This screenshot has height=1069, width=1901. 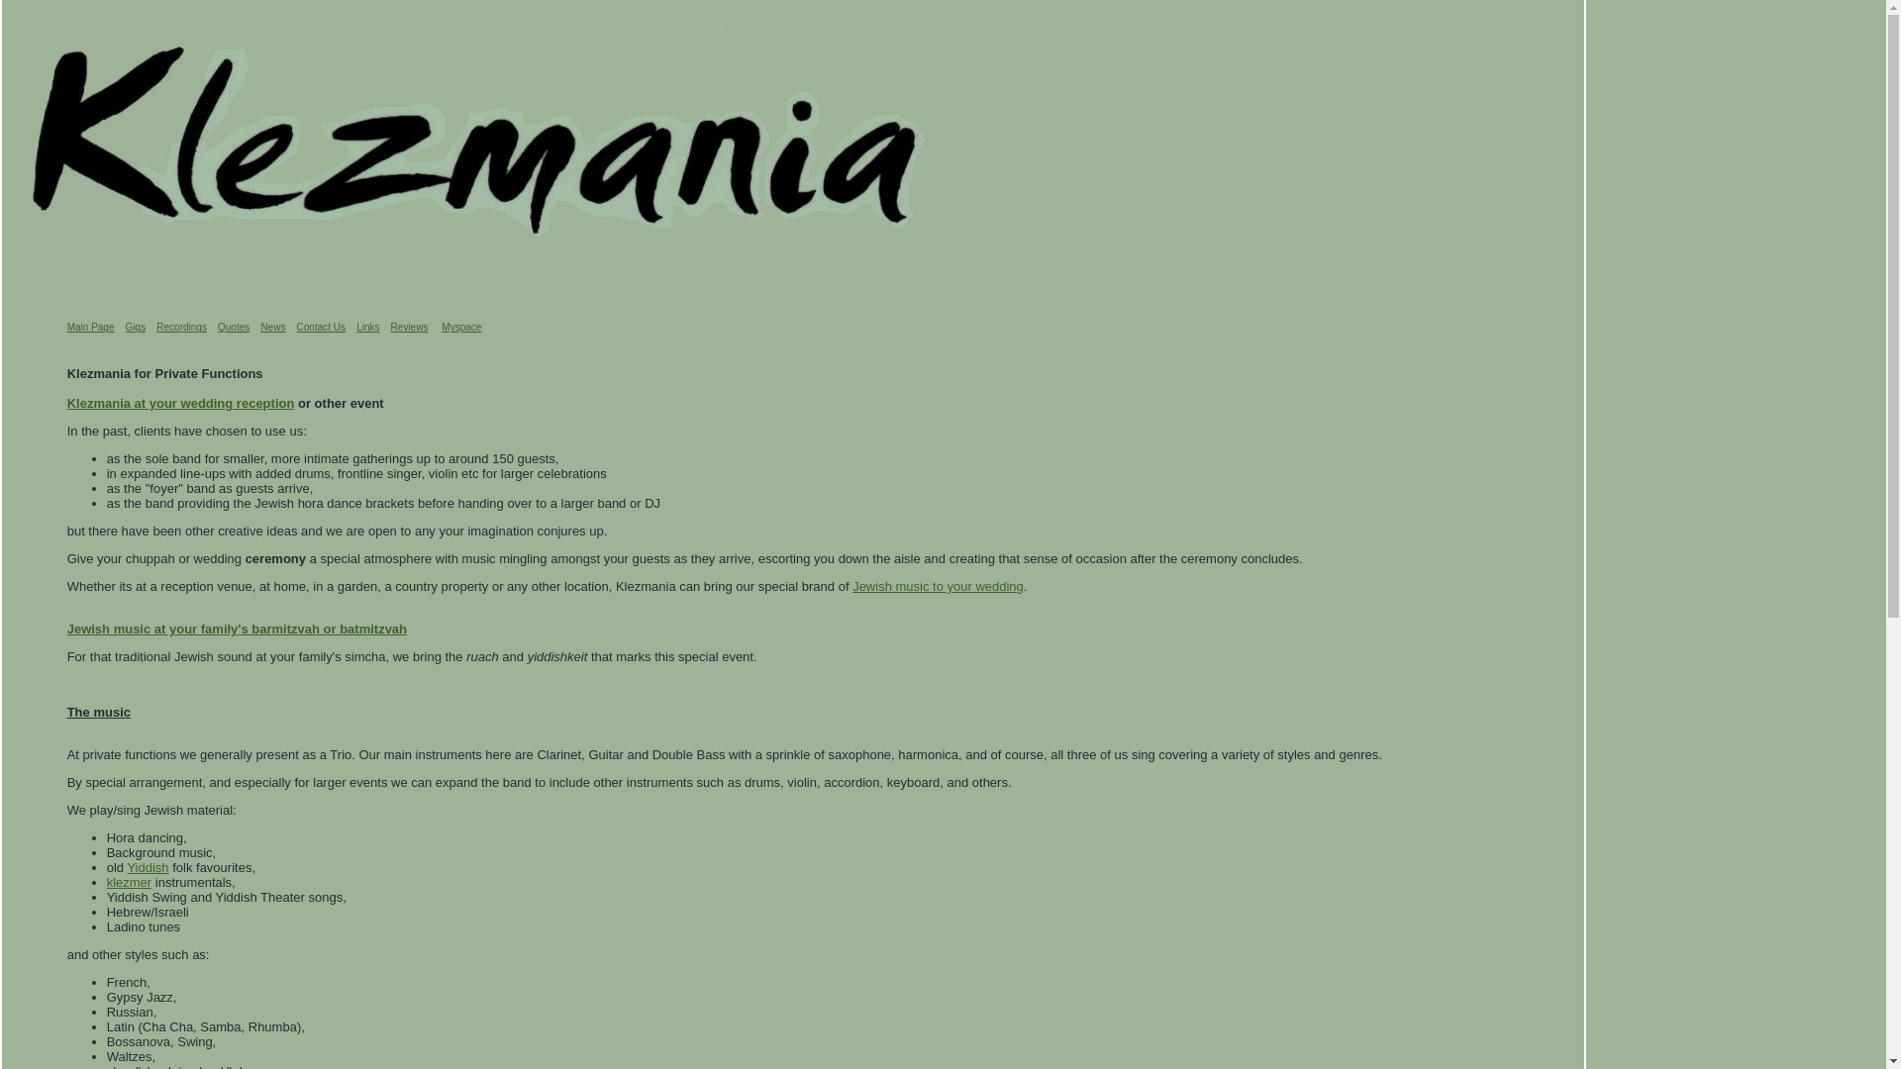 I want to click on 'Yiddish', so click(x=146, y=866).